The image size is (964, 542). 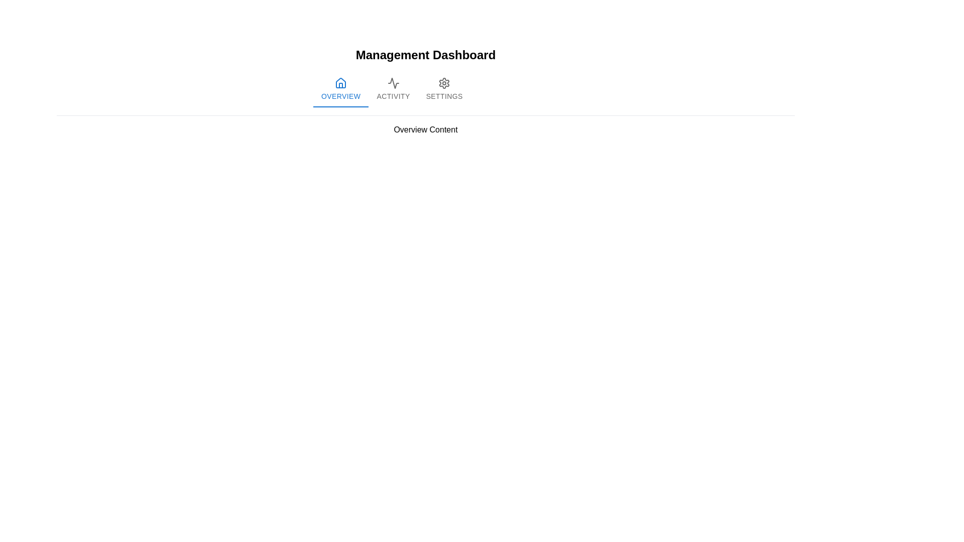 I want to click on the text block displaying 'Overview Content', which is located centrally beneath the navigation tabs in the Management Dashboard, so click(x=426, y=125).